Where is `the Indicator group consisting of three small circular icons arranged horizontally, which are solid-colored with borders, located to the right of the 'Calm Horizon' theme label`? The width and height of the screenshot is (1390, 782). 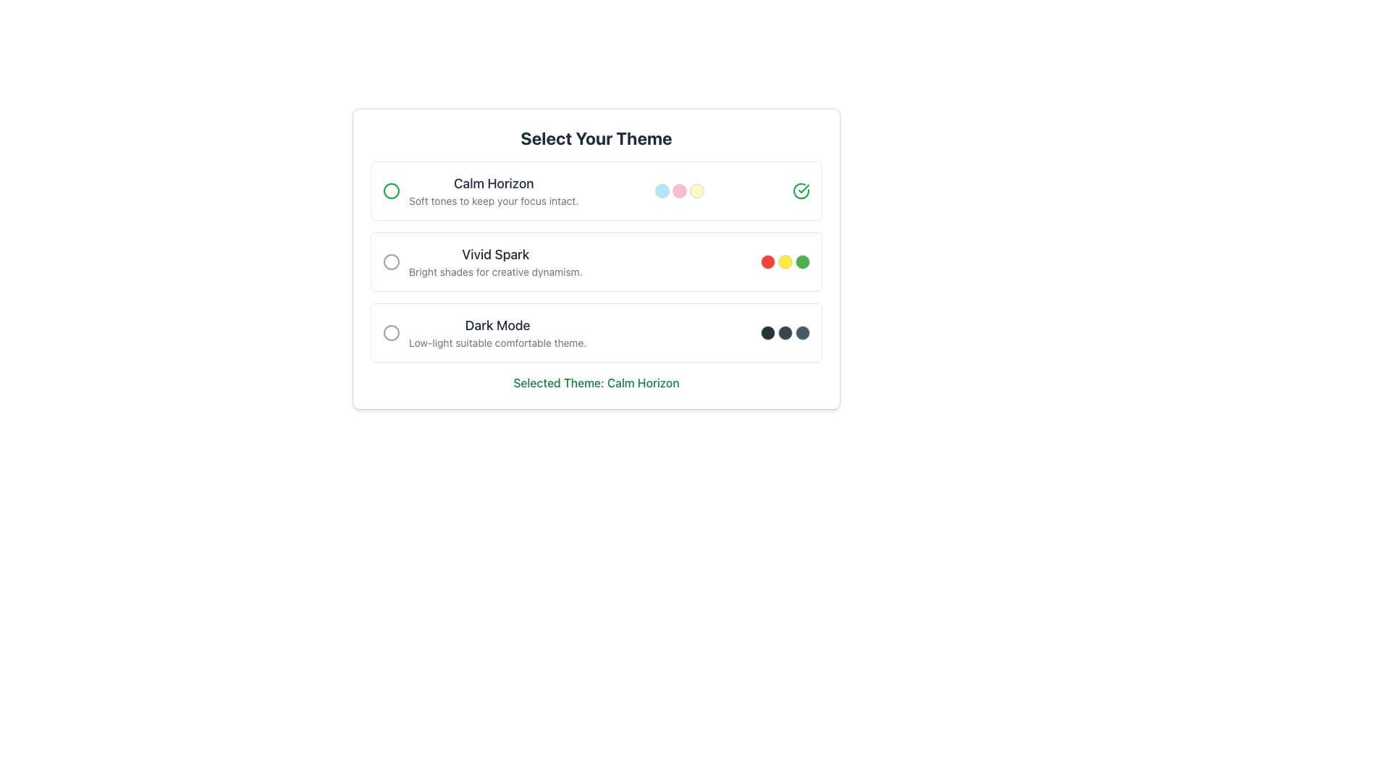 the Indicator group consisting of three small circular icons arranged horizontally, which are solid-colored with borders, located to the right of the 'Calm Horizon' theme label is located at coordinates (679, 190).